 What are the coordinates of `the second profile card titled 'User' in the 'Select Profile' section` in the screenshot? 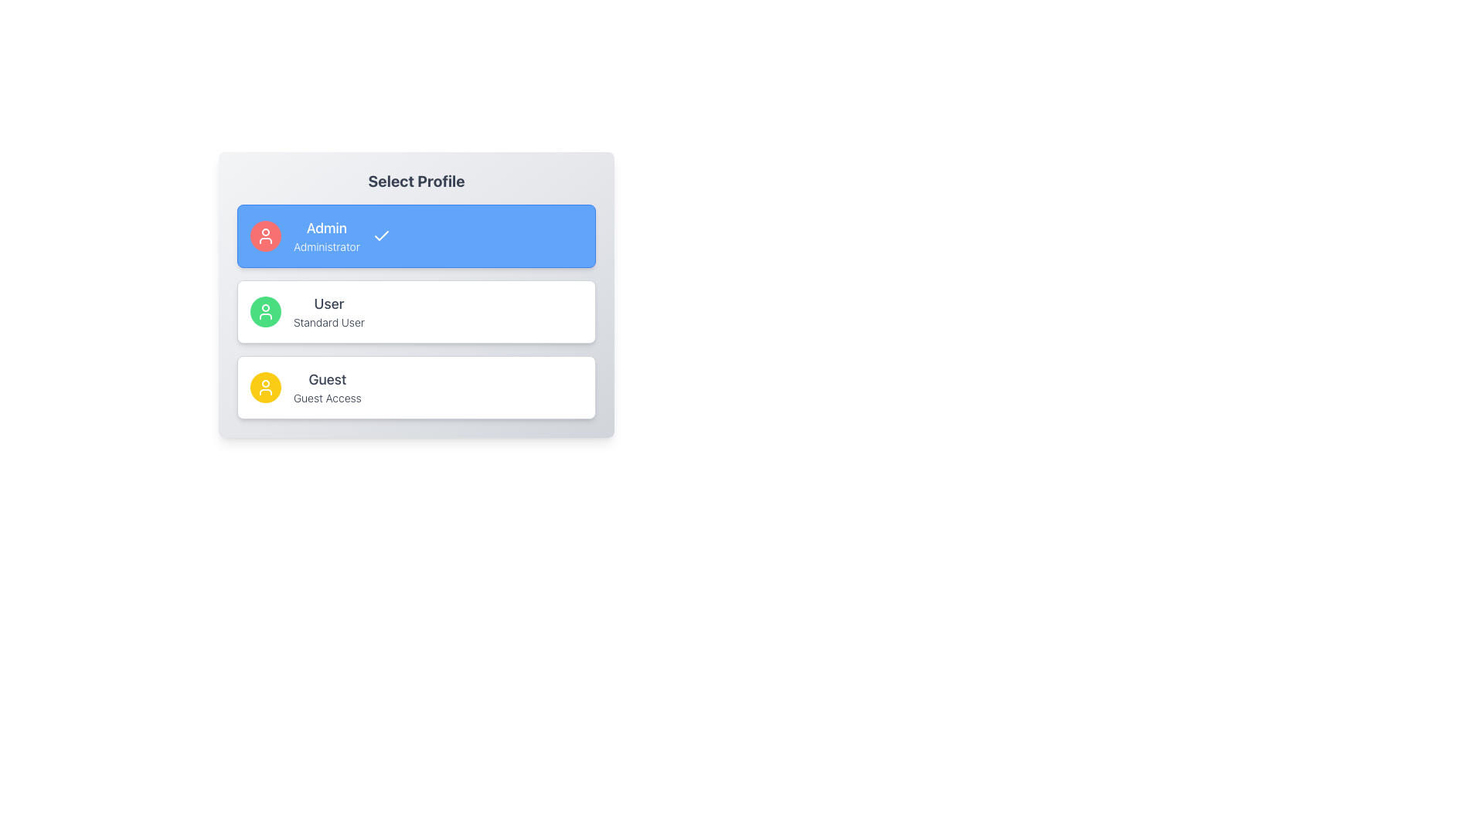 It's located at (416, 294).